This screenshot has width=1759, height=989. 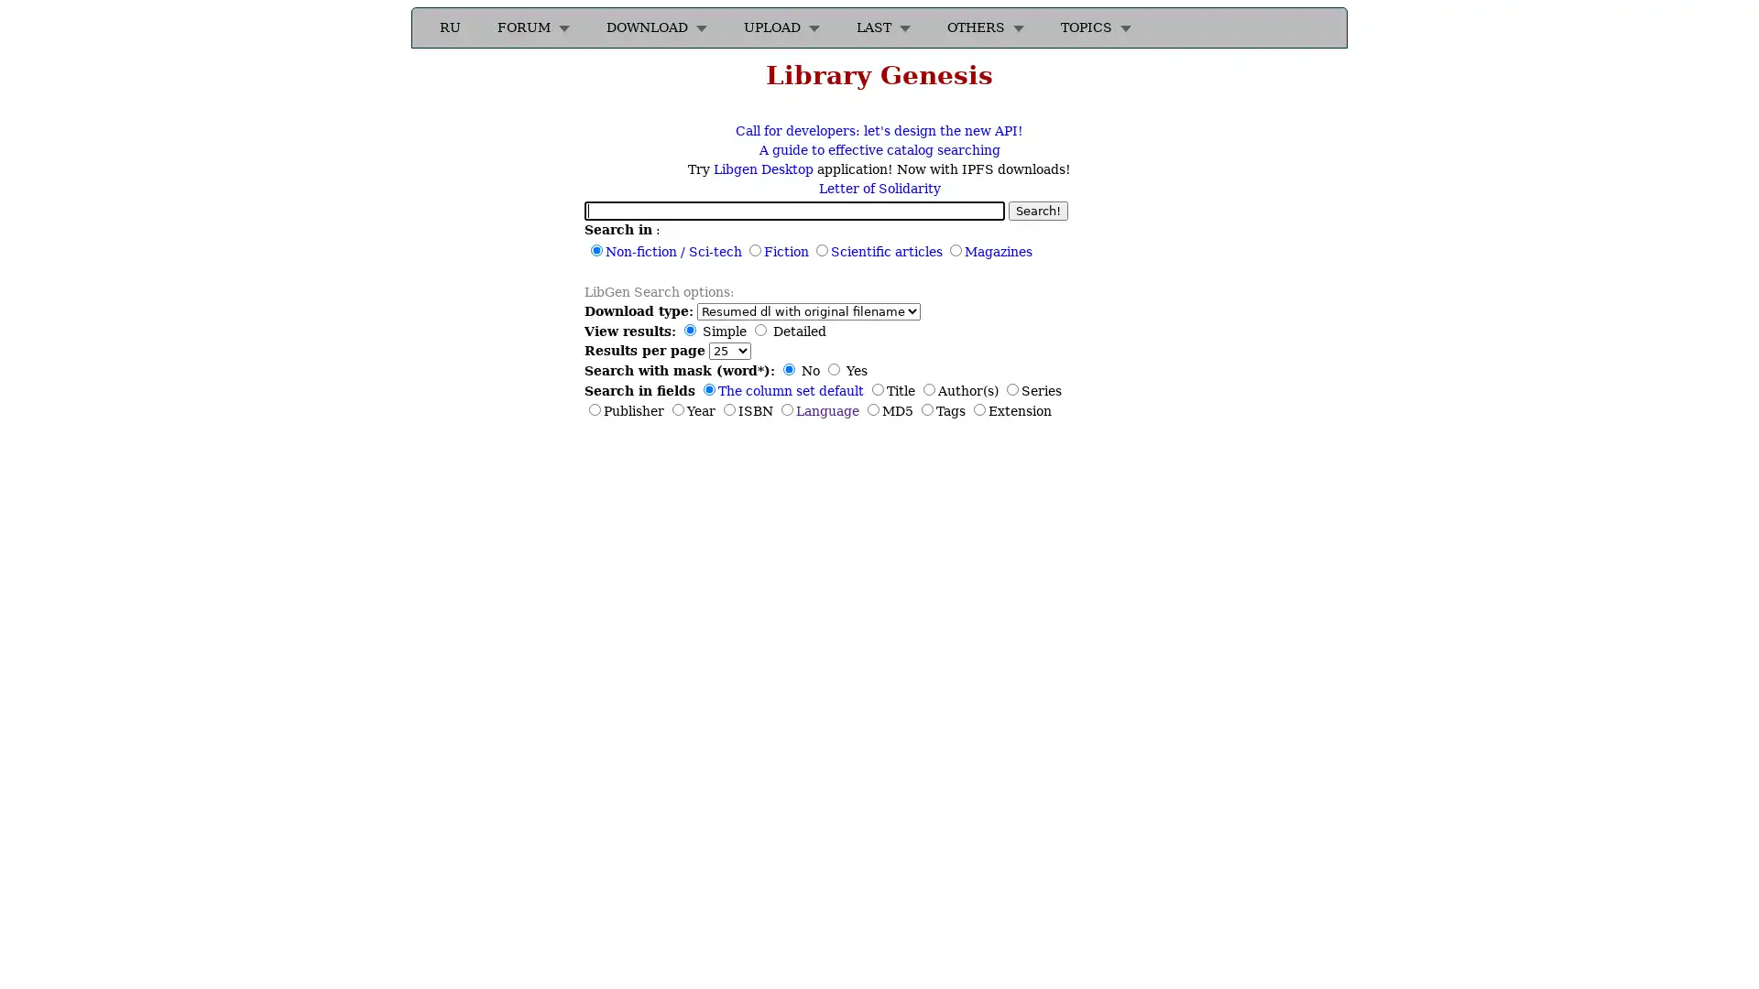 I want to click on Search!, so click(x=1038, y=209).